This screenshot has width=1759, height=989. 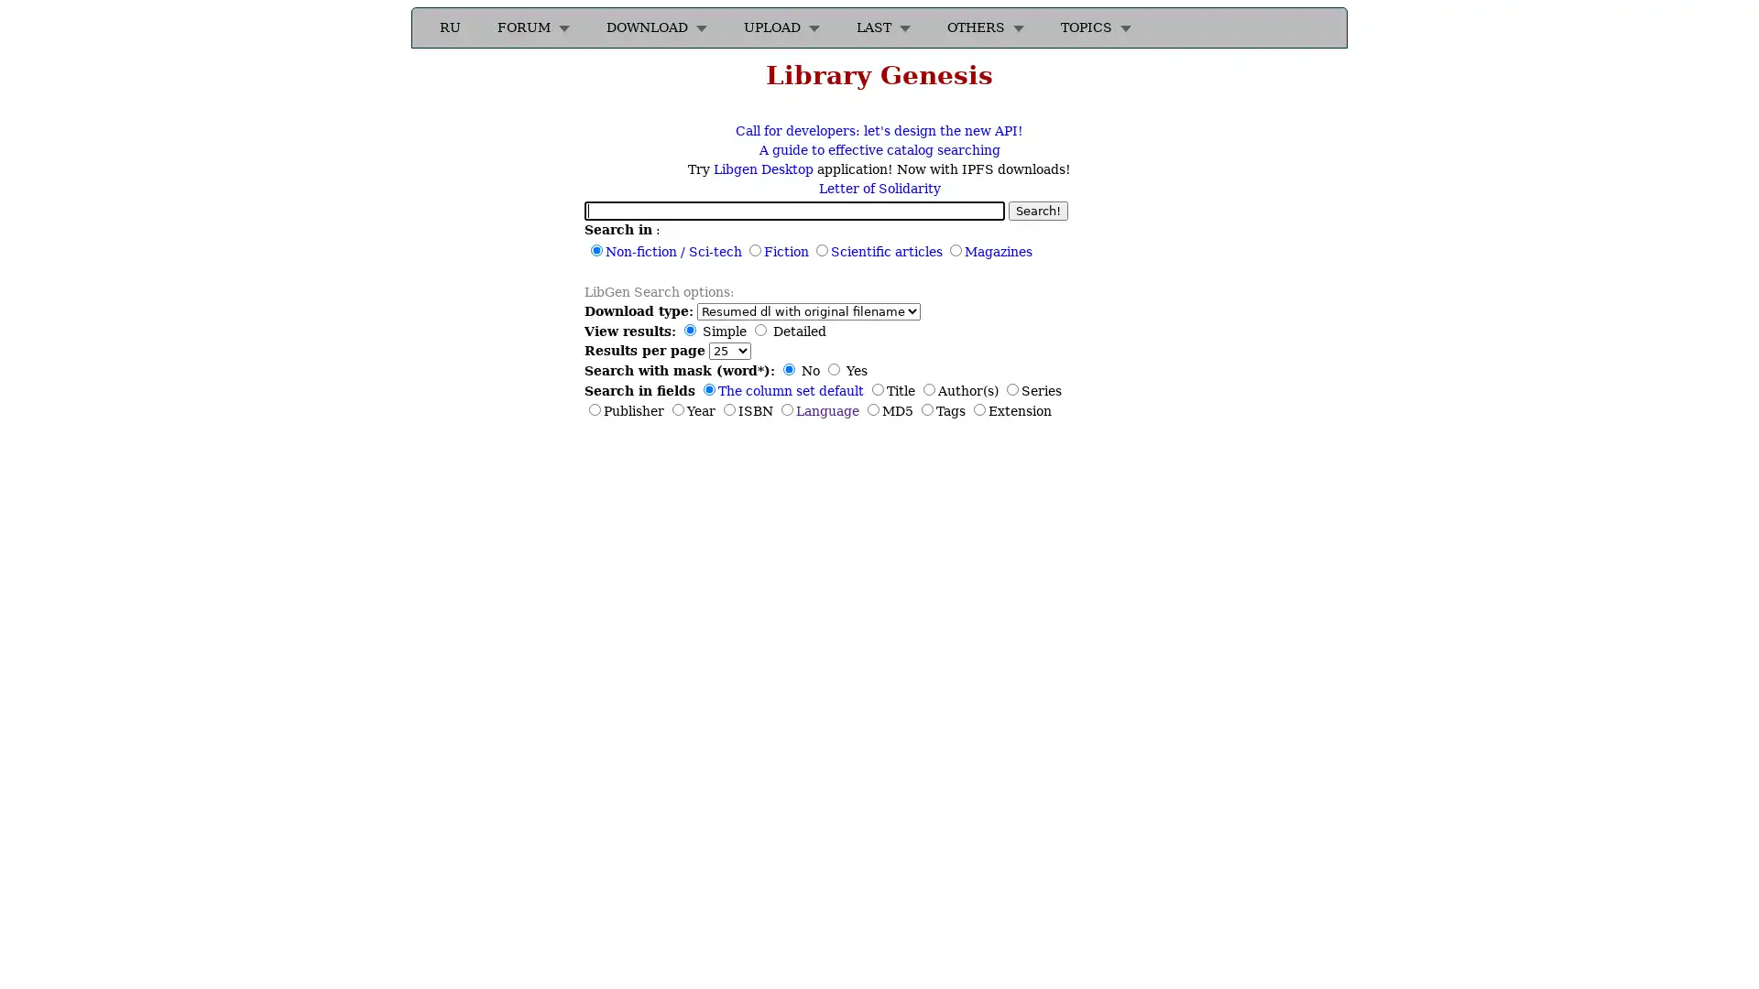 I want to click on Search!, so click(x=1038, y=209).